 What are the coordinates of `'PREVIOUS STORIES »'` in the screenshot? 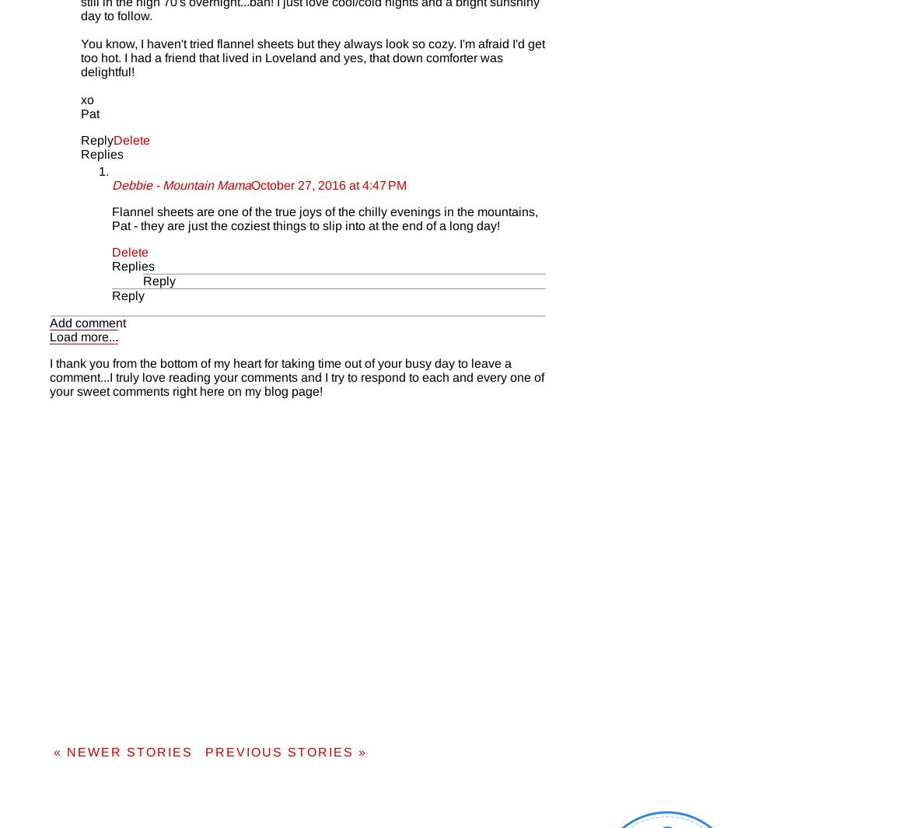 It's located at (204, 751).